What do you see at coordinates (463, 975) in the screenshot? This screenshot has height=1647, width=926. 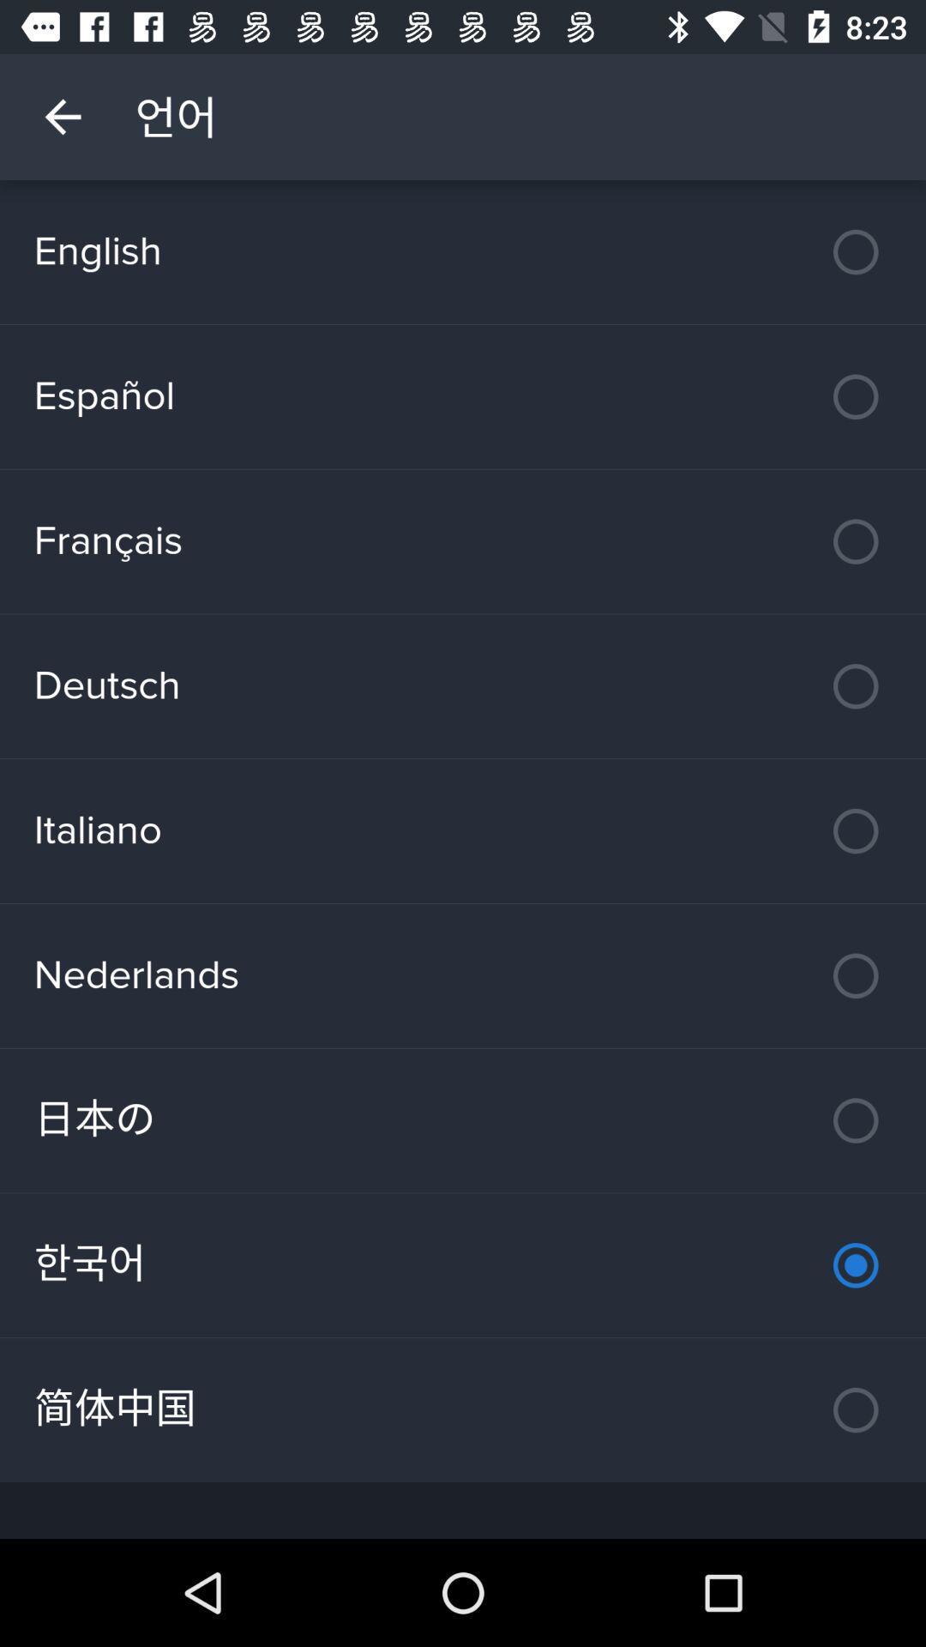 I see `the nederlands item` at bounding box center [463, 975].